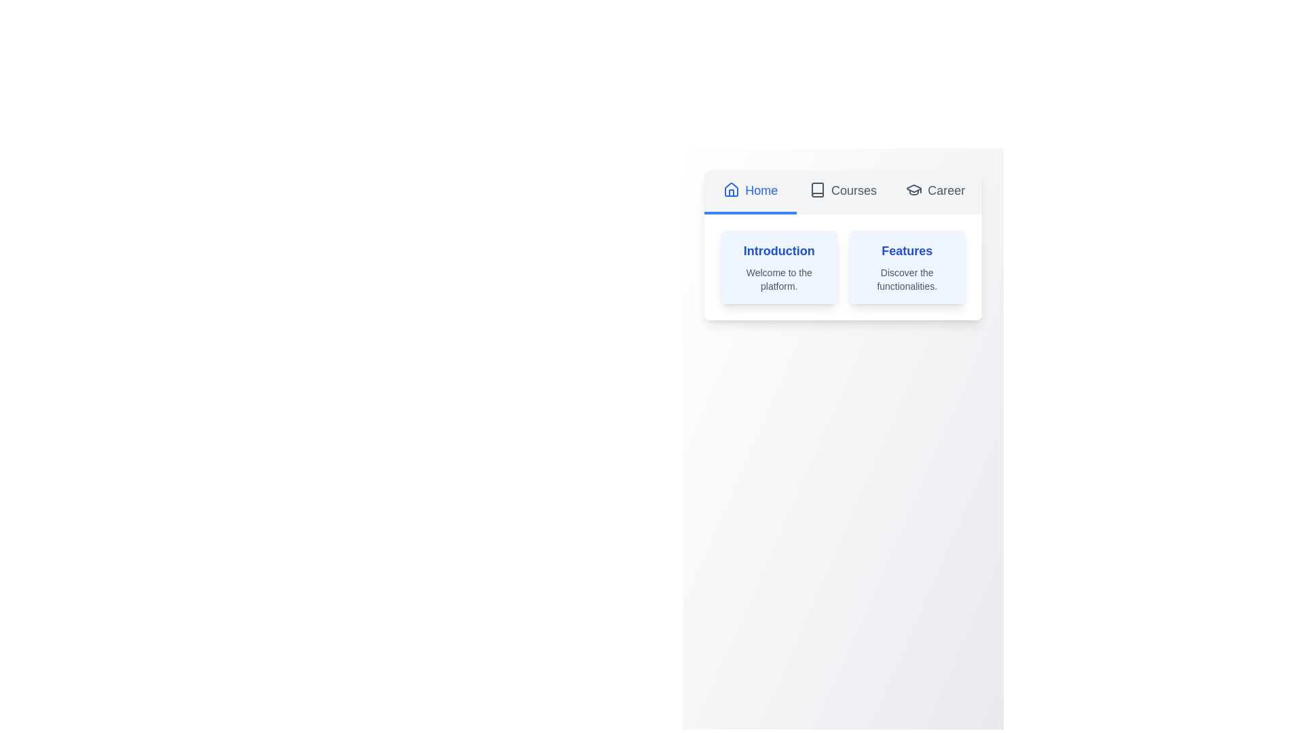  Describe the element at coordinates (750, 192) in the screenshot. I see `the 'Home' button, which is a rectangular button with bold blue text and a house icon, located in the navigation bar at the top-center of the interface` at that location.